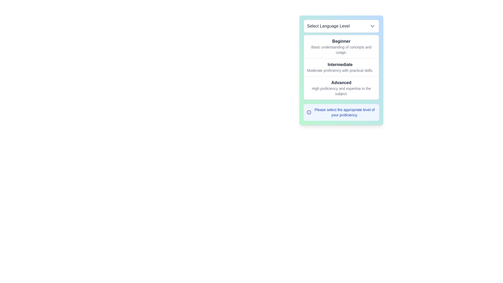  What do you see at coordinates (341, 41) in the screenshot?
I see `the 'Beginner' proficiency level text label, which serves as an informational header in the 'Select Language Level' menu, positioned above the explanation text` at bounding box center [341, 41].